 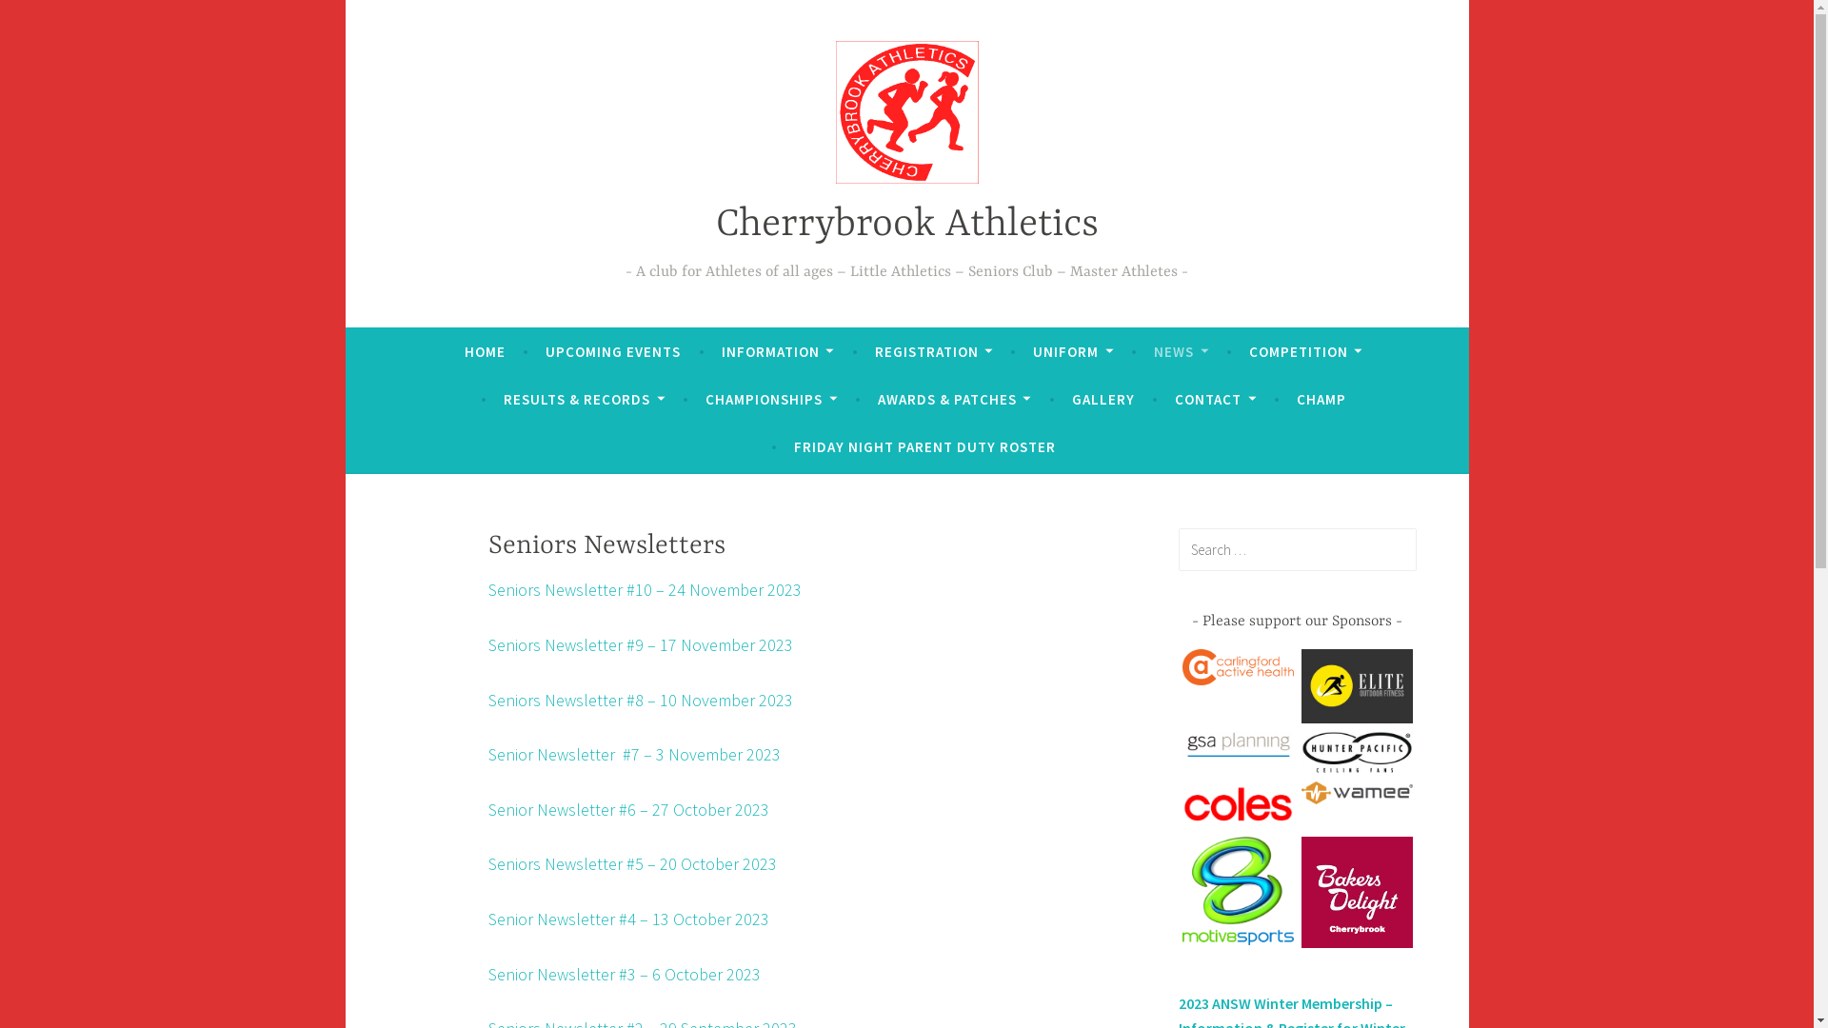 What do you see at coordinates (485, 352) in the screenshot?
I see `'HOME'` at bounding box center [485, 352].